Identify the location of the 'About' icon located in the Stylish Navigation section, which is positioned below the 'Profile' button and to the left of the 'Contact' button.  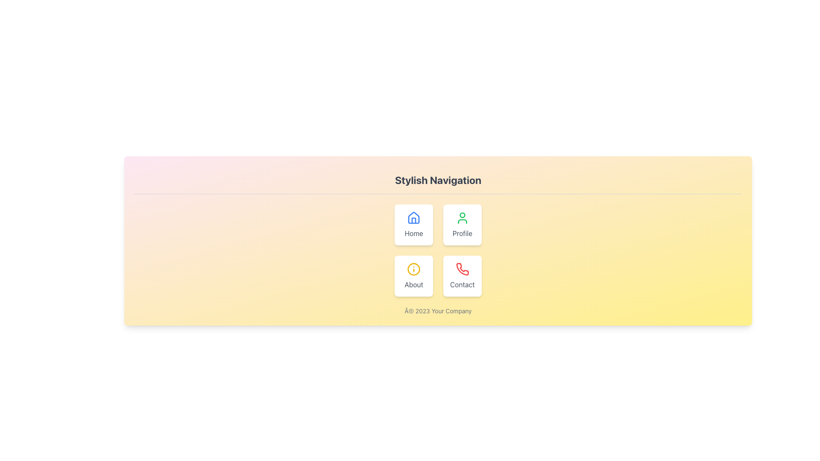
(414, 269).